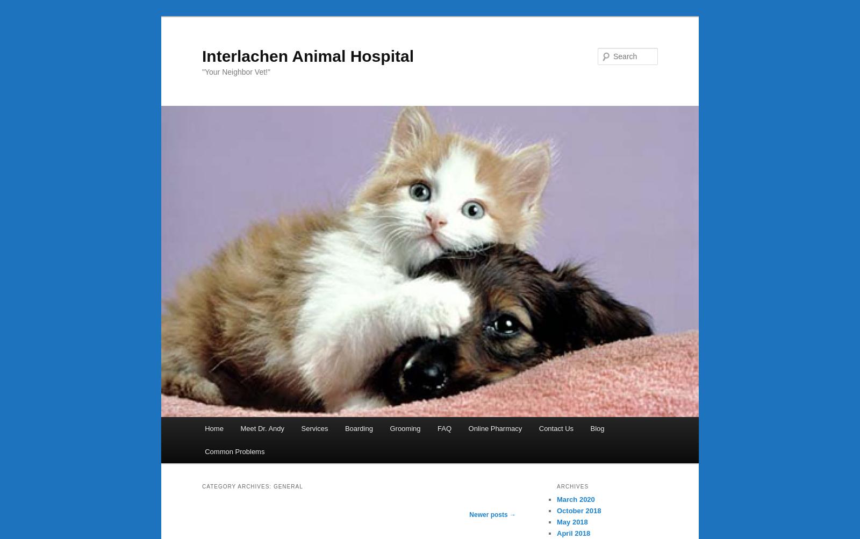  I want to click on 'March 2020', so click(576, 498).